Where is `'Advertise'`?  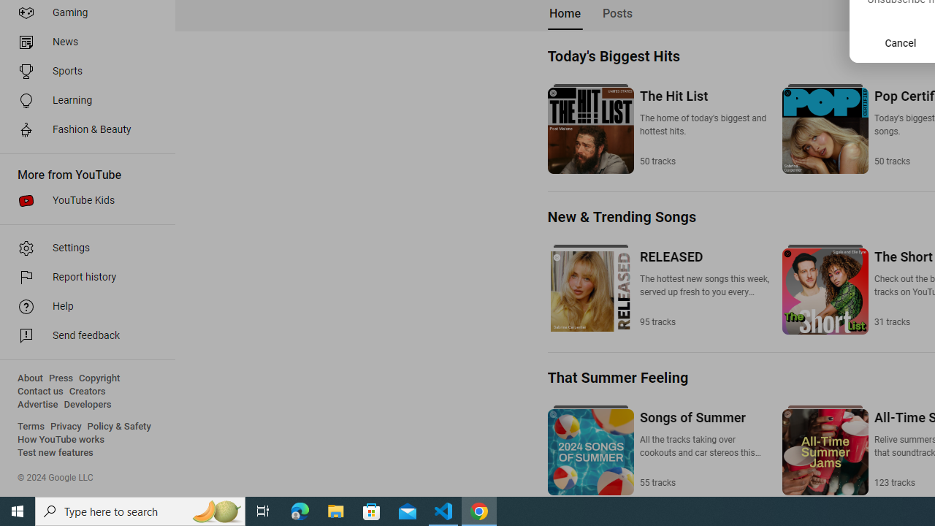
'Advertise' is located at coordinates (37, 405).